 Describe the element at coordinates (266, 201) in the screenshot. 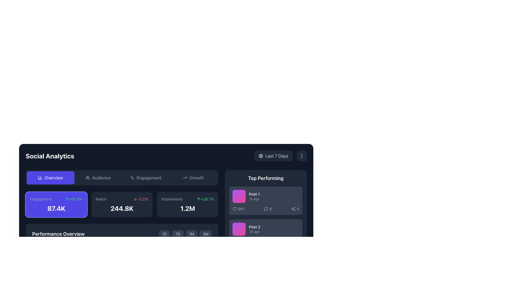

I see `the first card` at that location.